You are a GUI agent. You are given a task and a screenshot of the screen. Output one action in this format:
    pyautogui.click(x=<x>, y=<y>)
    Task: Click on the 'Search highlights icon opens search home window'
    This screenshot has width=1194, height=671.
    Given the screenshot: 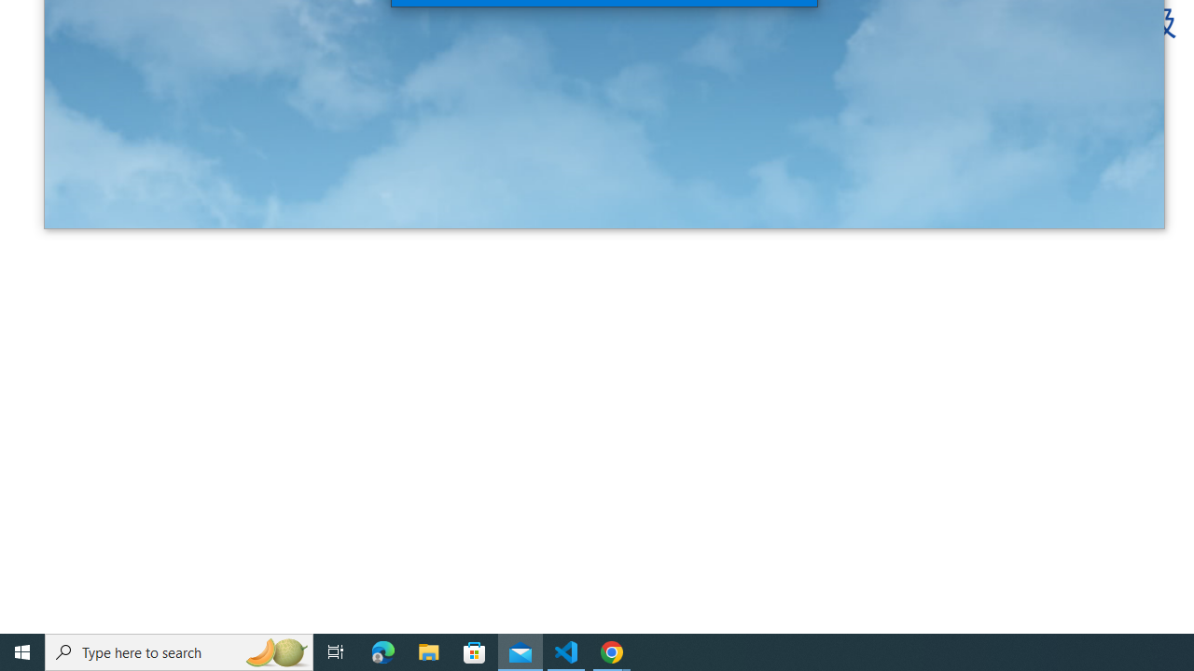 What is the action you would take?
    pyautogui.click(x=274, y=650)
    